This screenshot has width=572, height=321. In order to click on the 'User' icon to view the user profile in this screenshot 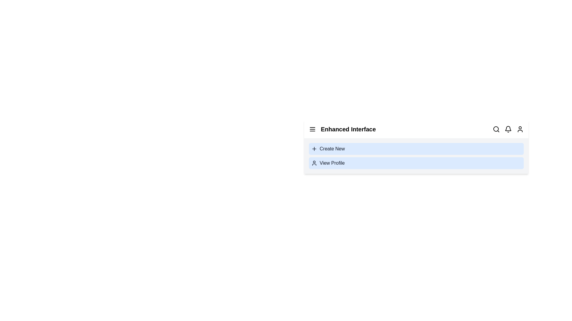, I will do `click(520, 129)`.